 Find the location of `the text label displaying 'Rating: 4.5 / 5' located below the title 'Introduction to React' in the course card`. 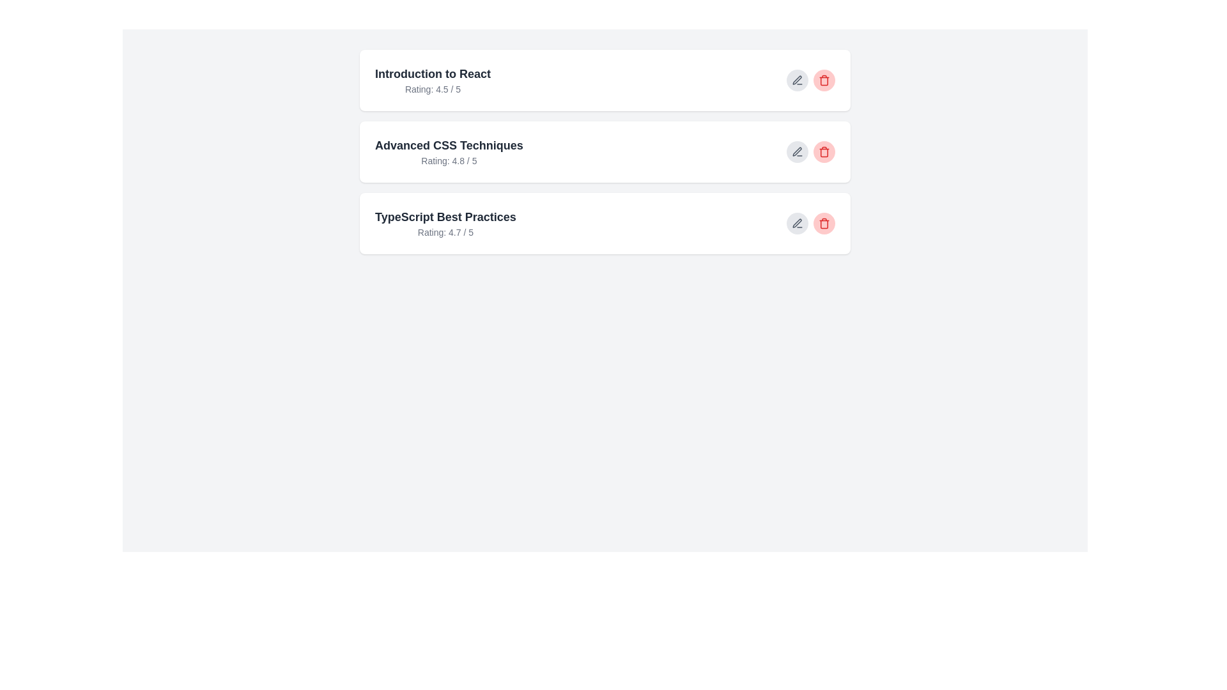

the text label displaying 'Rating: 4.5 / 5' located below the title 'Introduction to React' in the course card is located at coordinates (433, 88).